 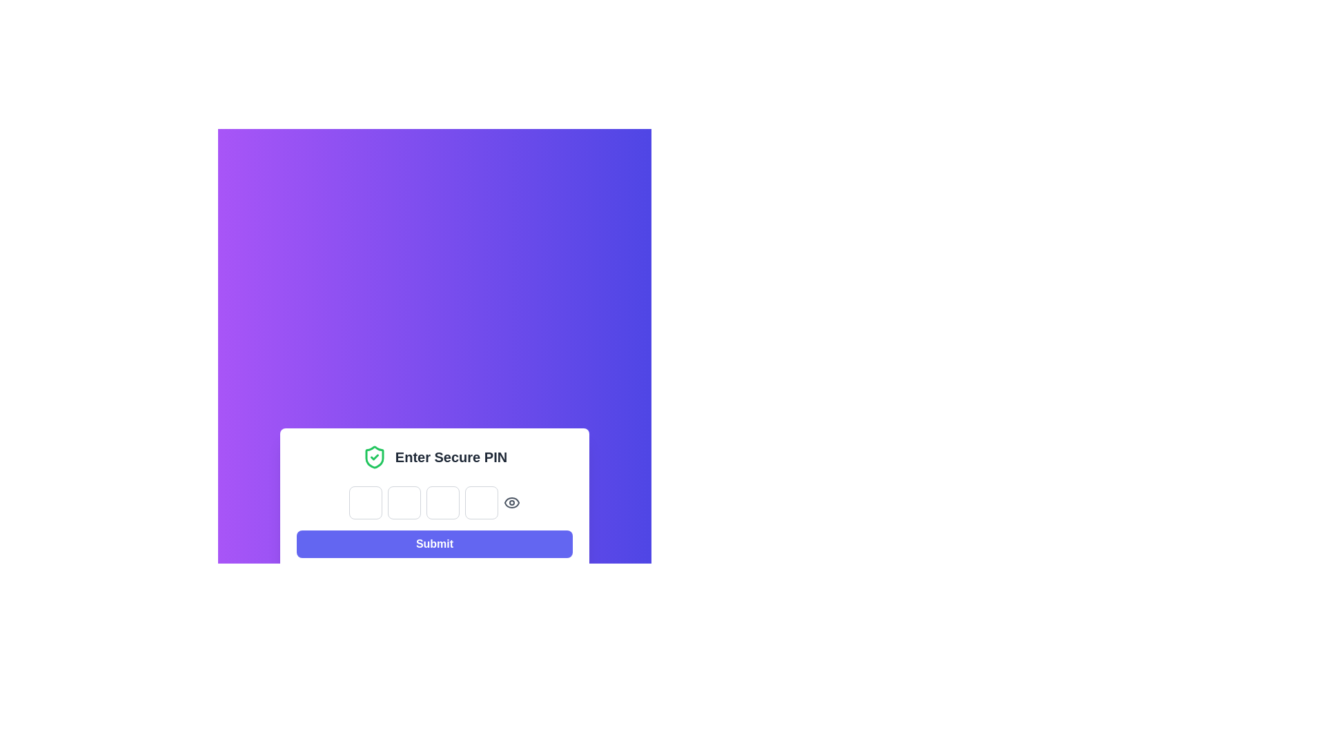 I want to click on the visibility toggle button for the entered PIN, which is located at the rightmost side of the PIN input section, so click(x=511, y=503).